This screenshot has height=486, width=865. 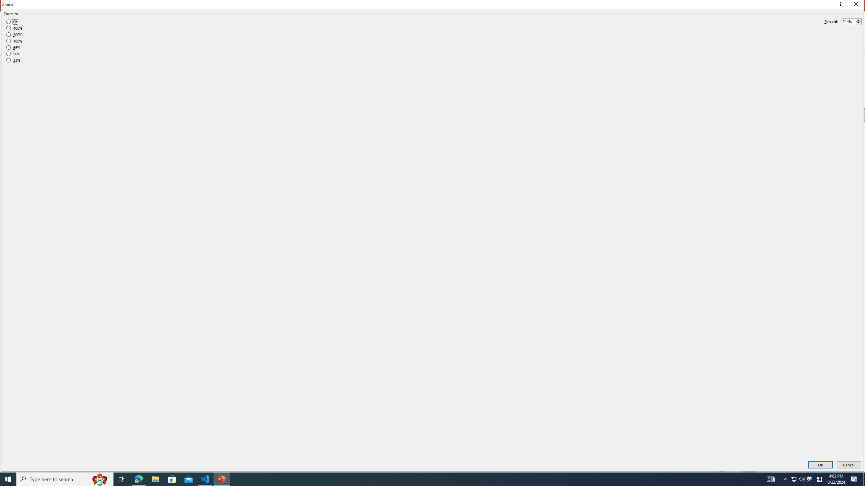 What do you see at coordinates (11, 22) in the screenshot?
I see `'Fit'` at bounding box center [11, 22].